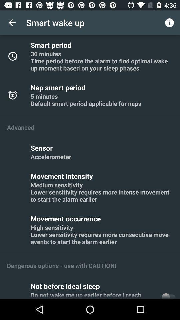 The height and width of the screenshot is (320, 180). What do you see at coordinates (63, 176) in the screenshot?
I see `item above the medium sensitivity lower item` at bounding box center [63, 176].